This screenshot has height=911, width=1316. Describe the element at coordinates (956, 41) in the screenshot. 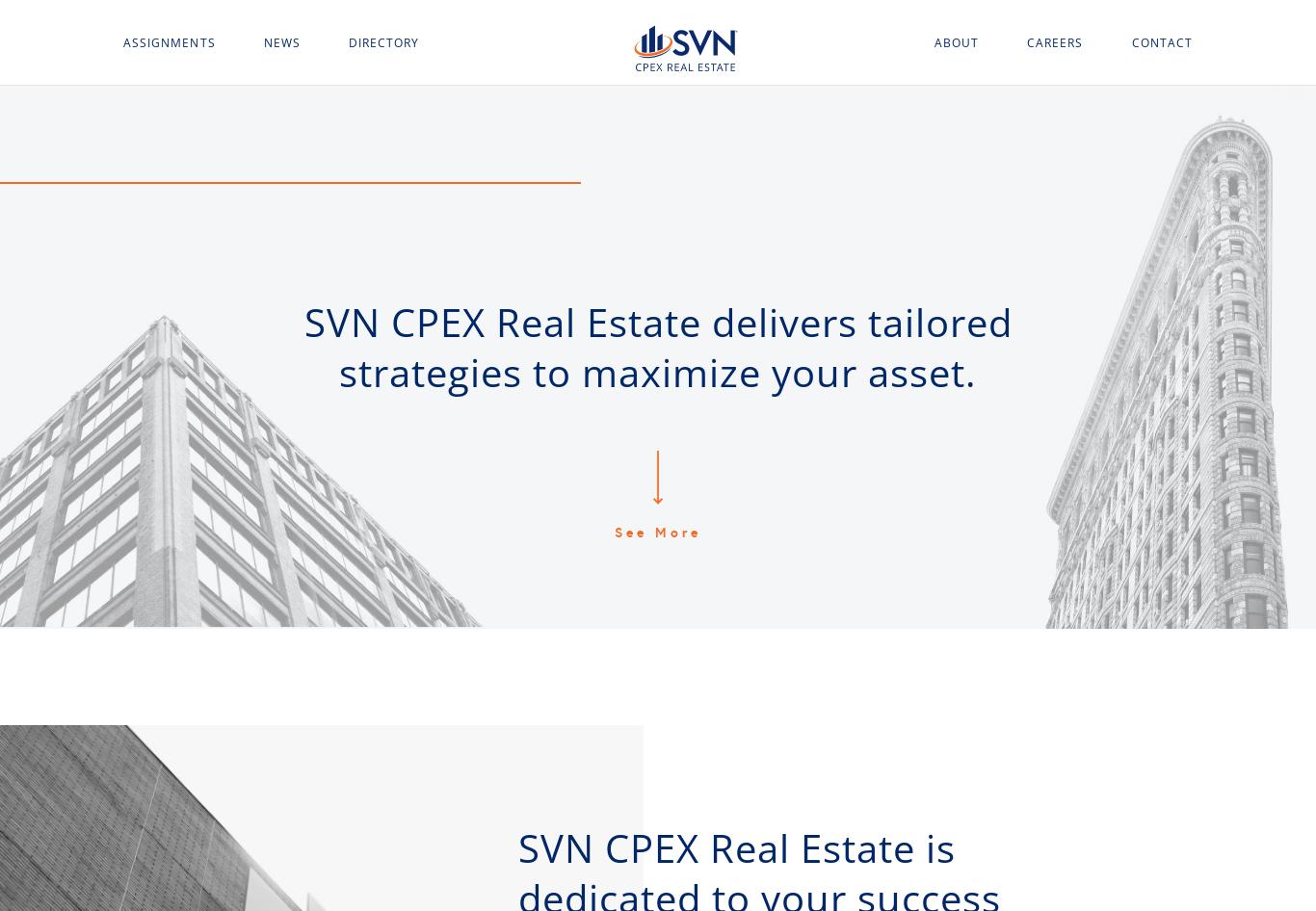

I see `'About'` at that location.